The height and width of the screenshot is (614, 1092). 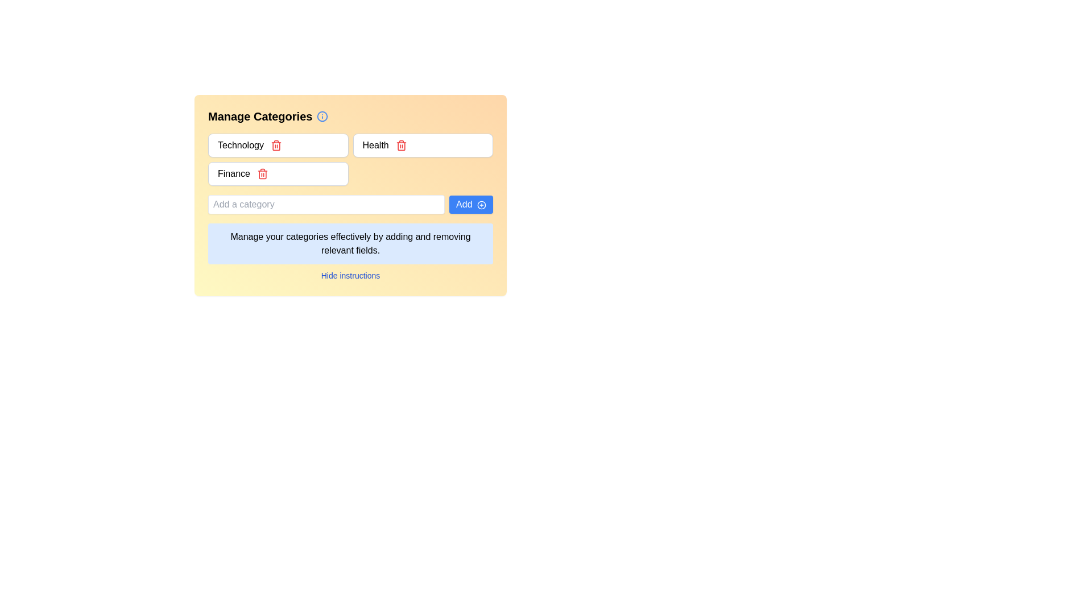 What do you see at coordinates (471, 204) in the screenshot?
I see `the blue button with rounded corners and the text 'Add'` at bounding box center [471, 204].